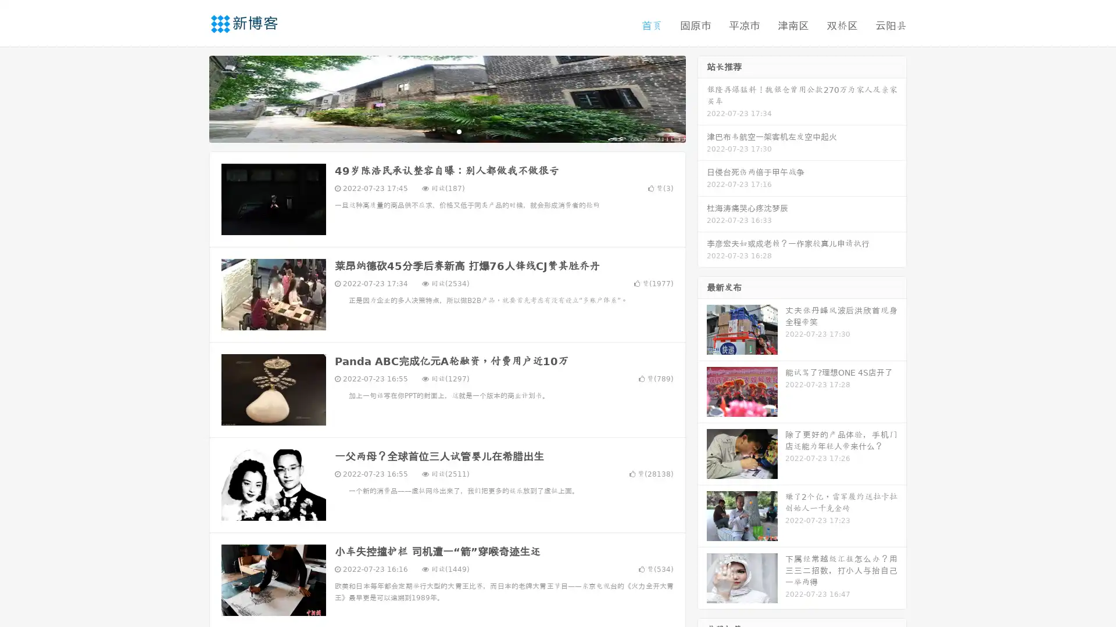  What do you see at coordinates (702, 98) in the screenshot?
I see `Next slide` at bounding box center [702, 98].